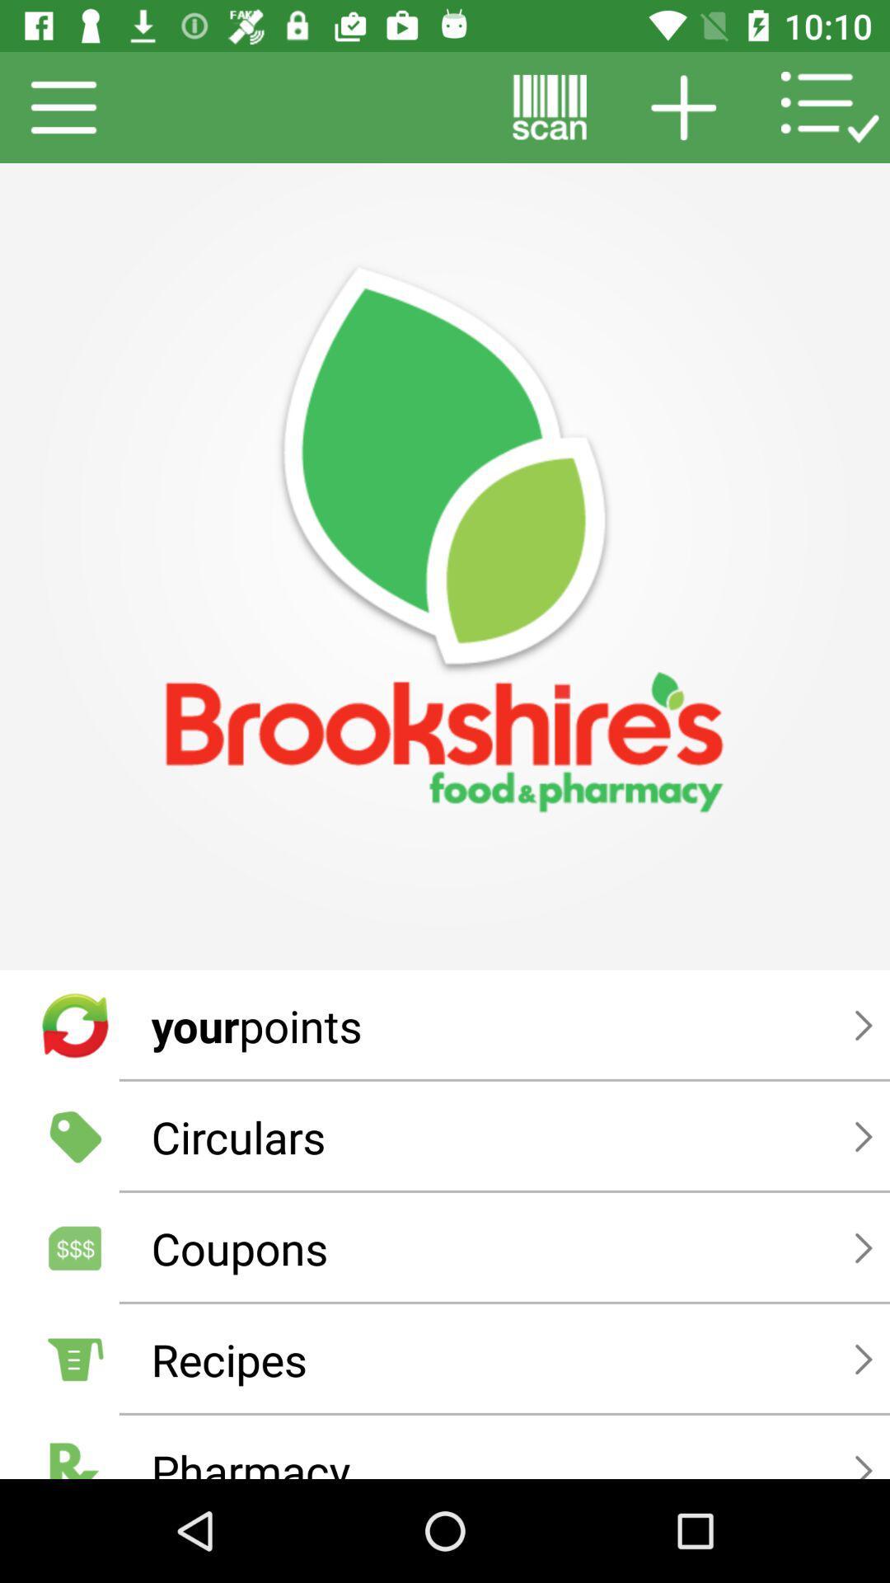 The height and width of the screenshot is (1583, 890). I want to click on the add icon, so click(683, 106).